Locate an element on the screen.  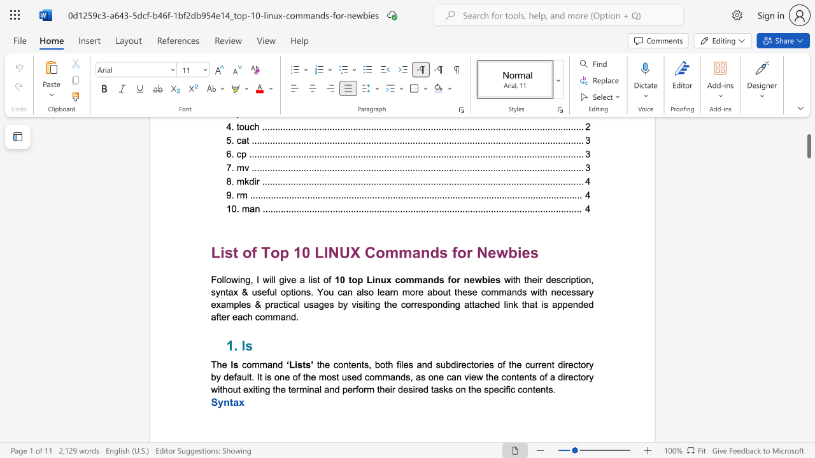
the subset text "ds f" within the text "10 top Linux commands for newbies" is located at coordinates (433, 279).